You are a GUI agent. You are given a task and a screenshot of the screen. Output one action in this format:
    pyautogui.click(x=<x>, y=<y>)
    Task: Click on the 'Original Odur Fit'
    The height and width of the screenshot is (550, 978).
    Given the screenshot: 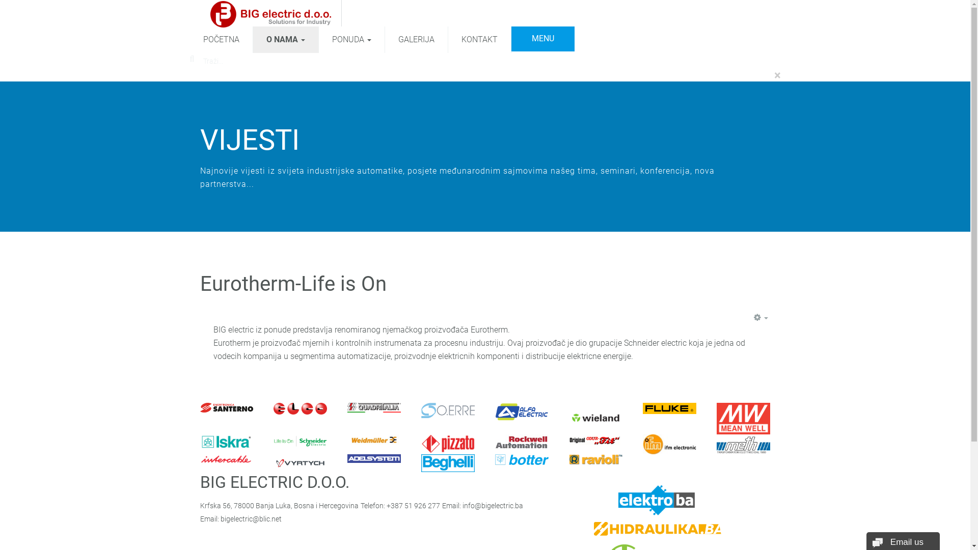 What is the action you would take?
    pyautogui.click(x=595, y=439)
    